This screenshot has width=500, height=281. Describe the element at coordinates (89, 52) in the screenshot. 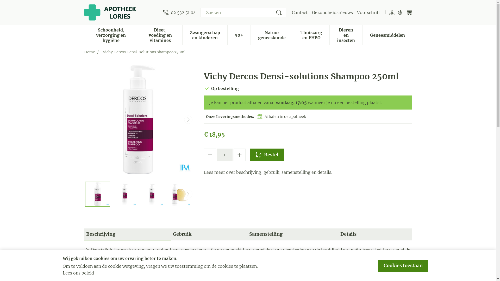

I see `'Home'` at that location.